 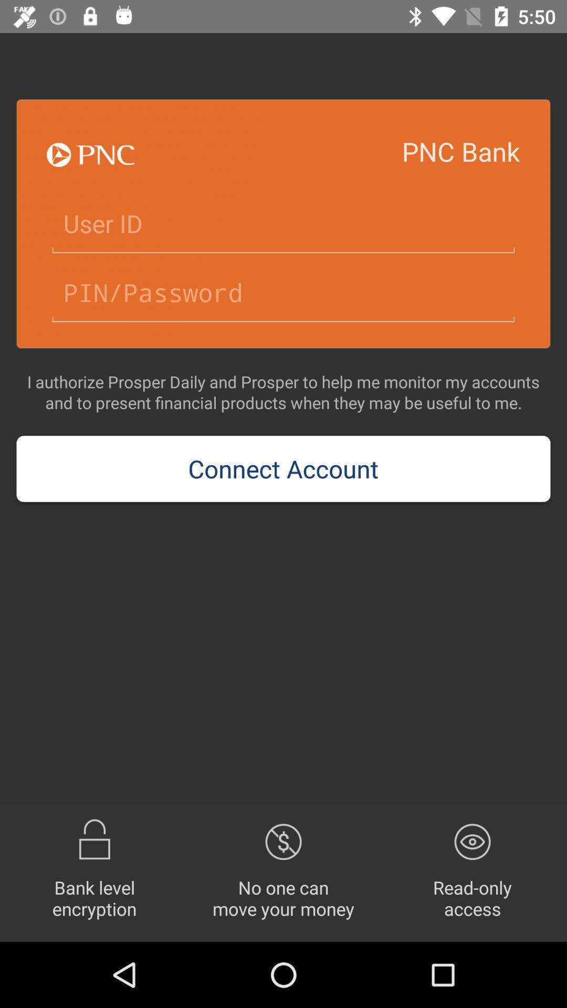 What do you see at coordinates (283, 224) in the screenshot?
I see `id text input` at bounding box center [283, 224].